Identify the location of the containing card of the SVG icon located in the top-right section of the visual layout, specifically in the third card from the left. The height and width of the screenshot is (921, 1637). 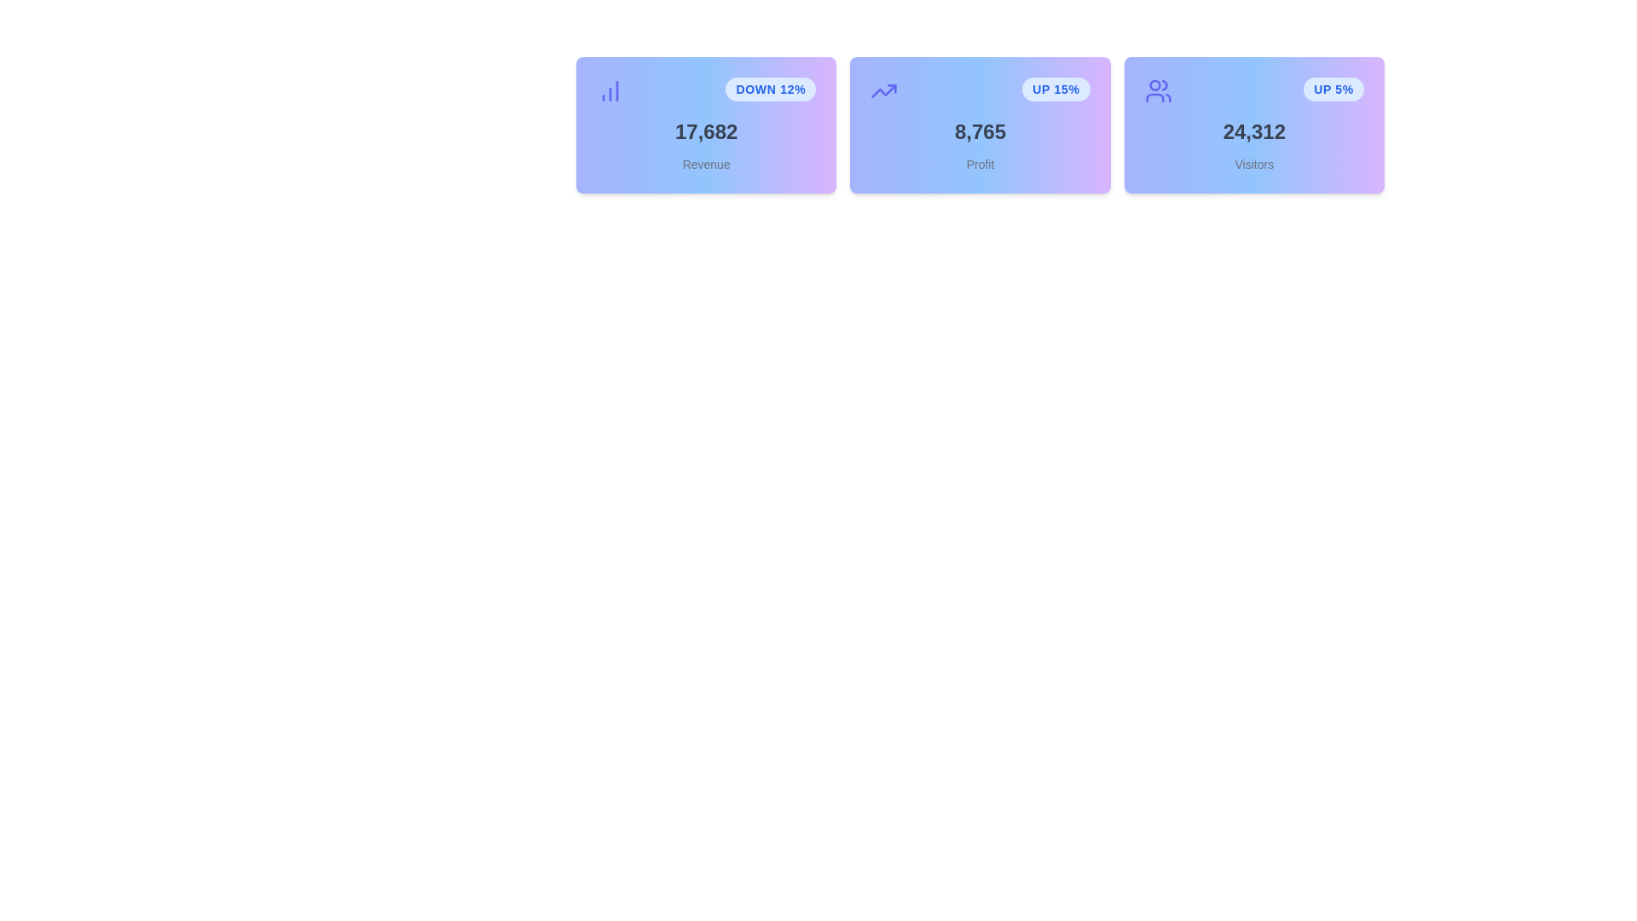
(1154, 98).